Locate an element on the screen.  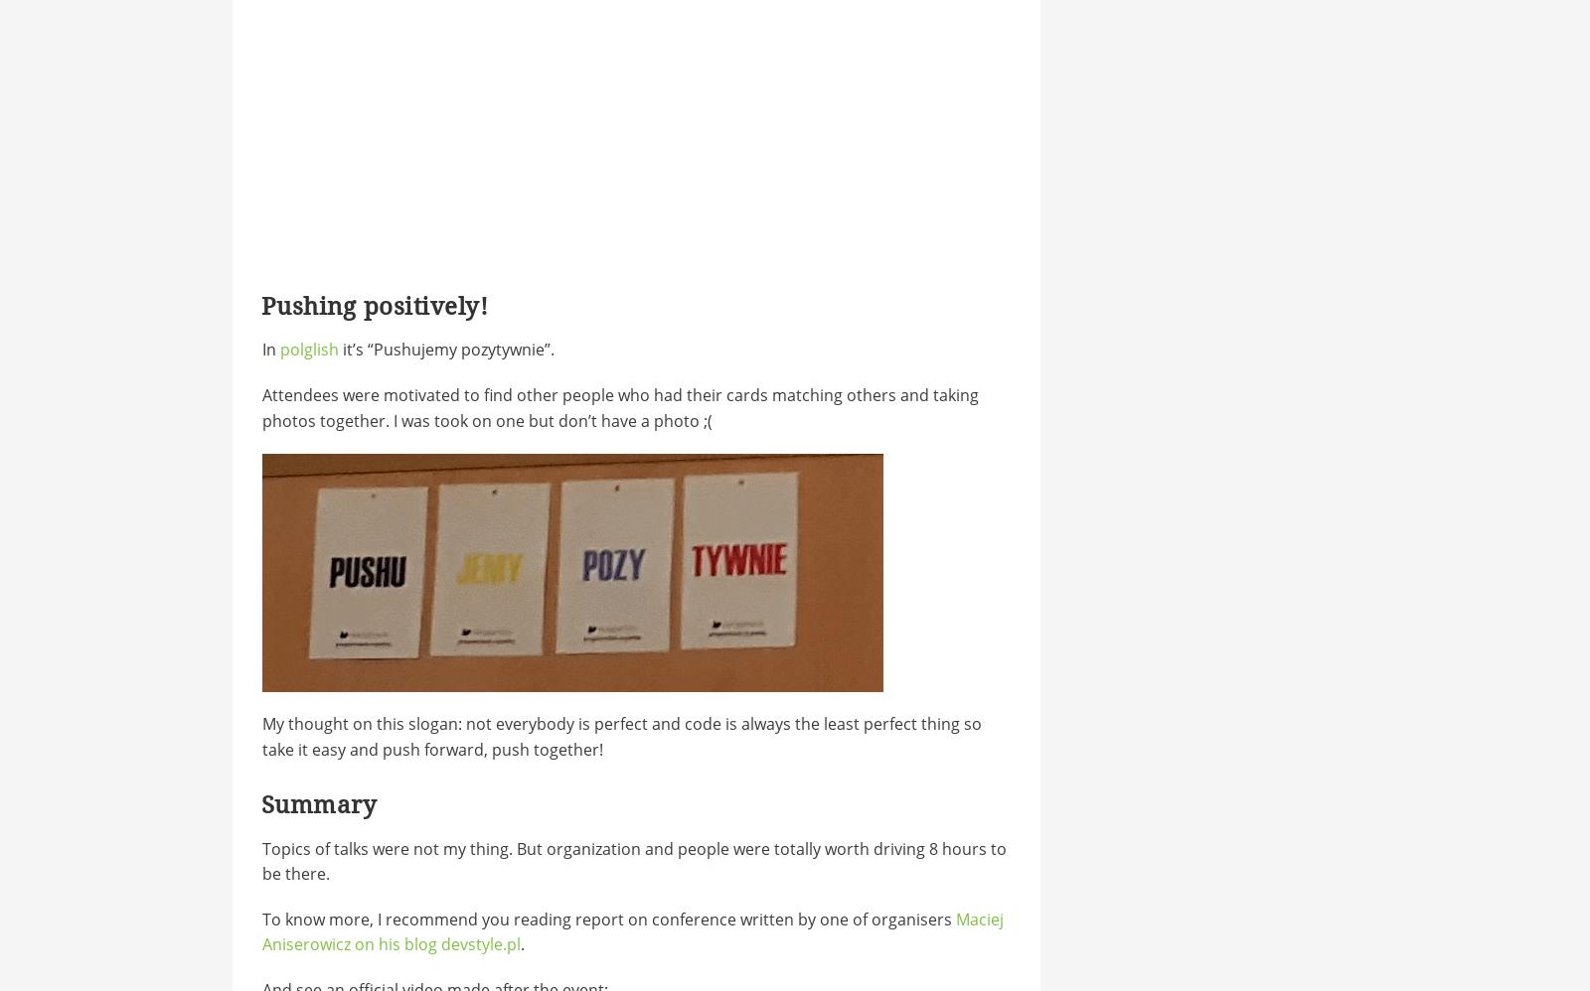
'To know more, I recommend you reading report on conference written by one of organisers' is located at coordinates (608, 919).